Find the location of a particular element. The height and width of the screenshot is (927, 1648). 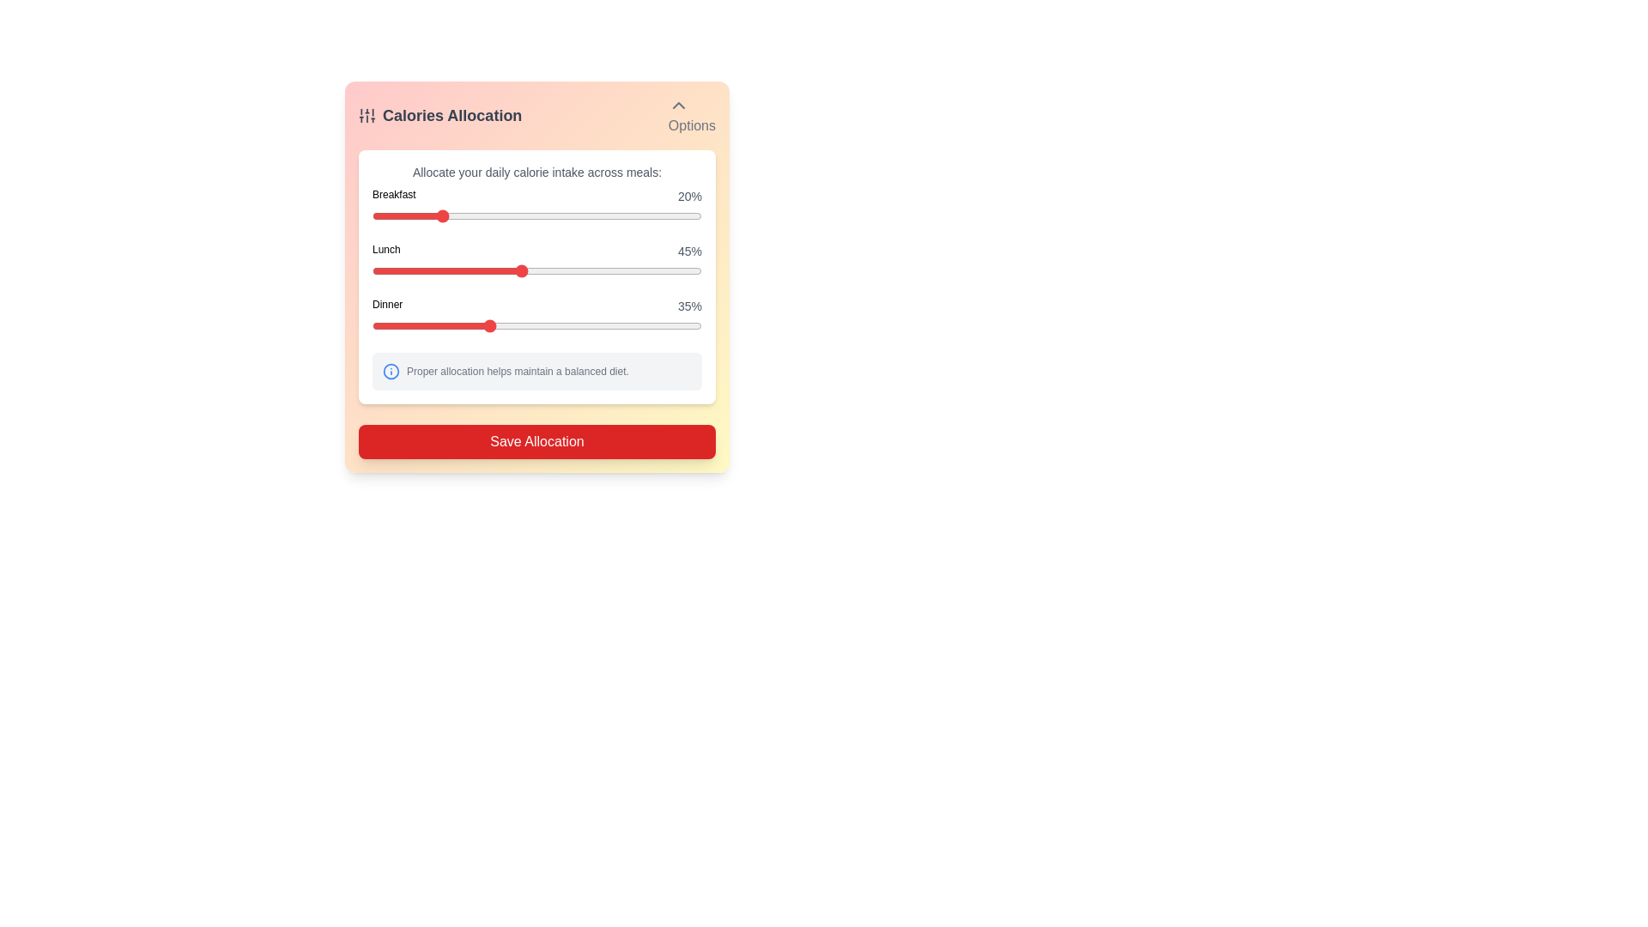

the 'Options' button to toggle the visibility of the options is located at coordinates (692, 116).